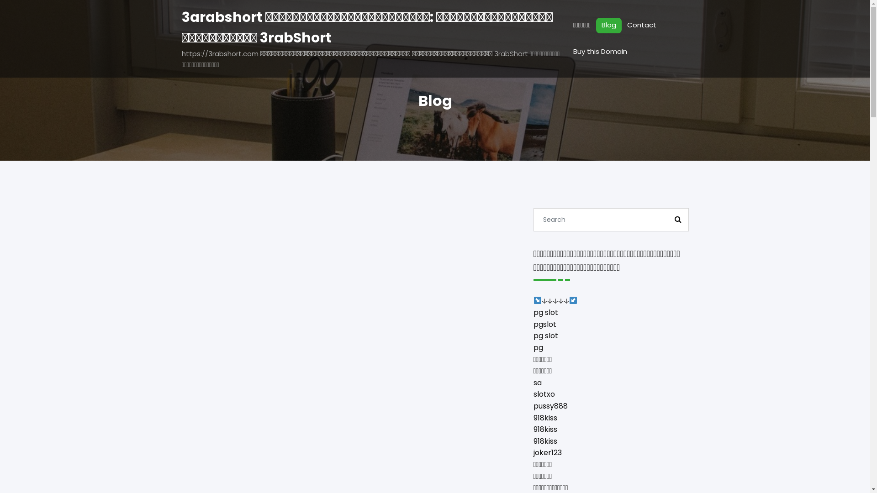 The image size is (877, 493). Describe the element at coordinates (546, 312) in the screenshot. I see `'pg slot'` at that location.